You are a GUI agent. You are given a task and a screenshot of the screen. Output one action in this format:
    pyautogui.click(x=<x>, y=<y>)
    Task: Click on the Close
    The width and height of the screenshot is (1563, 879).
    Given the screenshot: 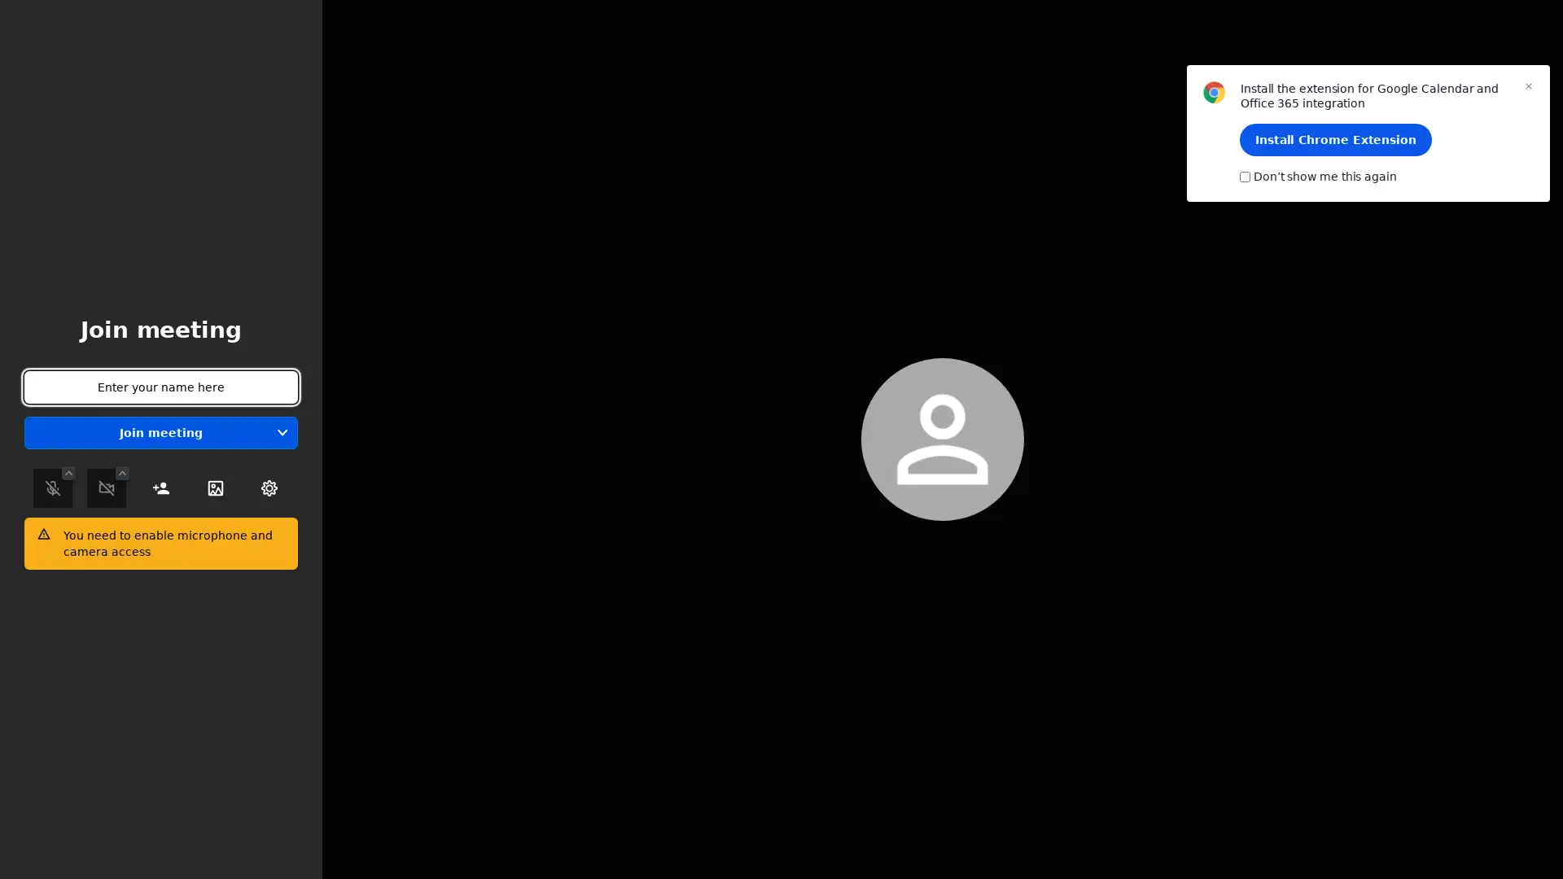 What is the action you would take?
    pyautogui.click(x=1527, y=85)
    